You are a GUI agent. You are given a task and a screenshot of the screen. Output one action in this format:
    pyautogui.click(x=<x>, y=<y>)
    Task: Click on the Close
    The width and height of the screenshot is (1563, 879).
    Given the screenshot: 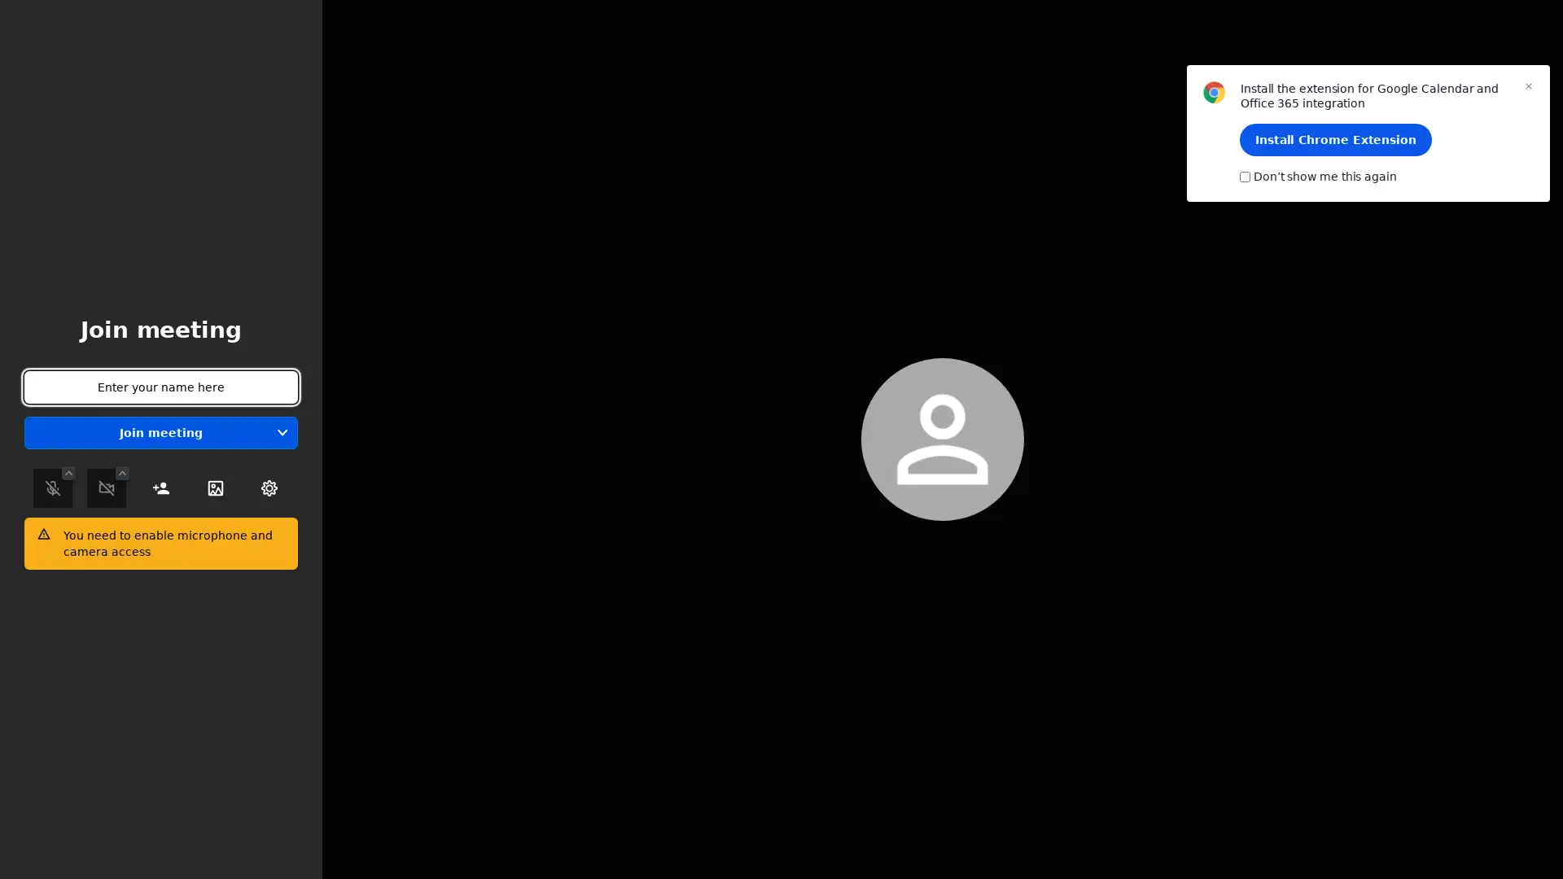 What is the action you would take?
    pyautogui.click(x=1527, y=85)
    